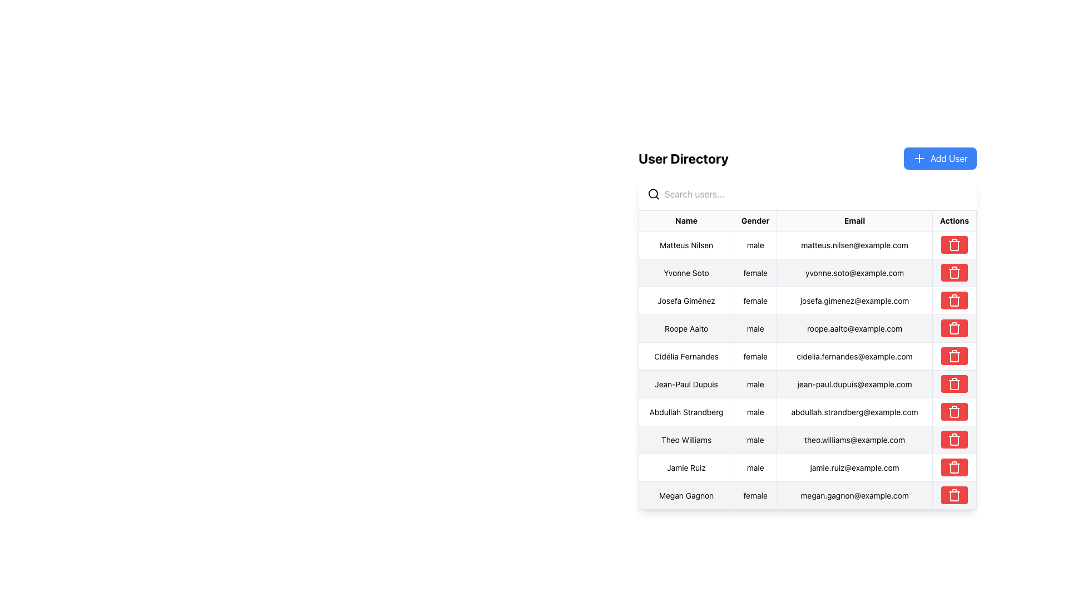 Image resolution: width=1068 pixels, height=601 pixels. What do you see at coordinates (854, 439) in the screenshot?
I see `the label displaying the email address of the user 'Theo Williams' located in the 'Email' column of the user table` at bounding box center [854, 439].